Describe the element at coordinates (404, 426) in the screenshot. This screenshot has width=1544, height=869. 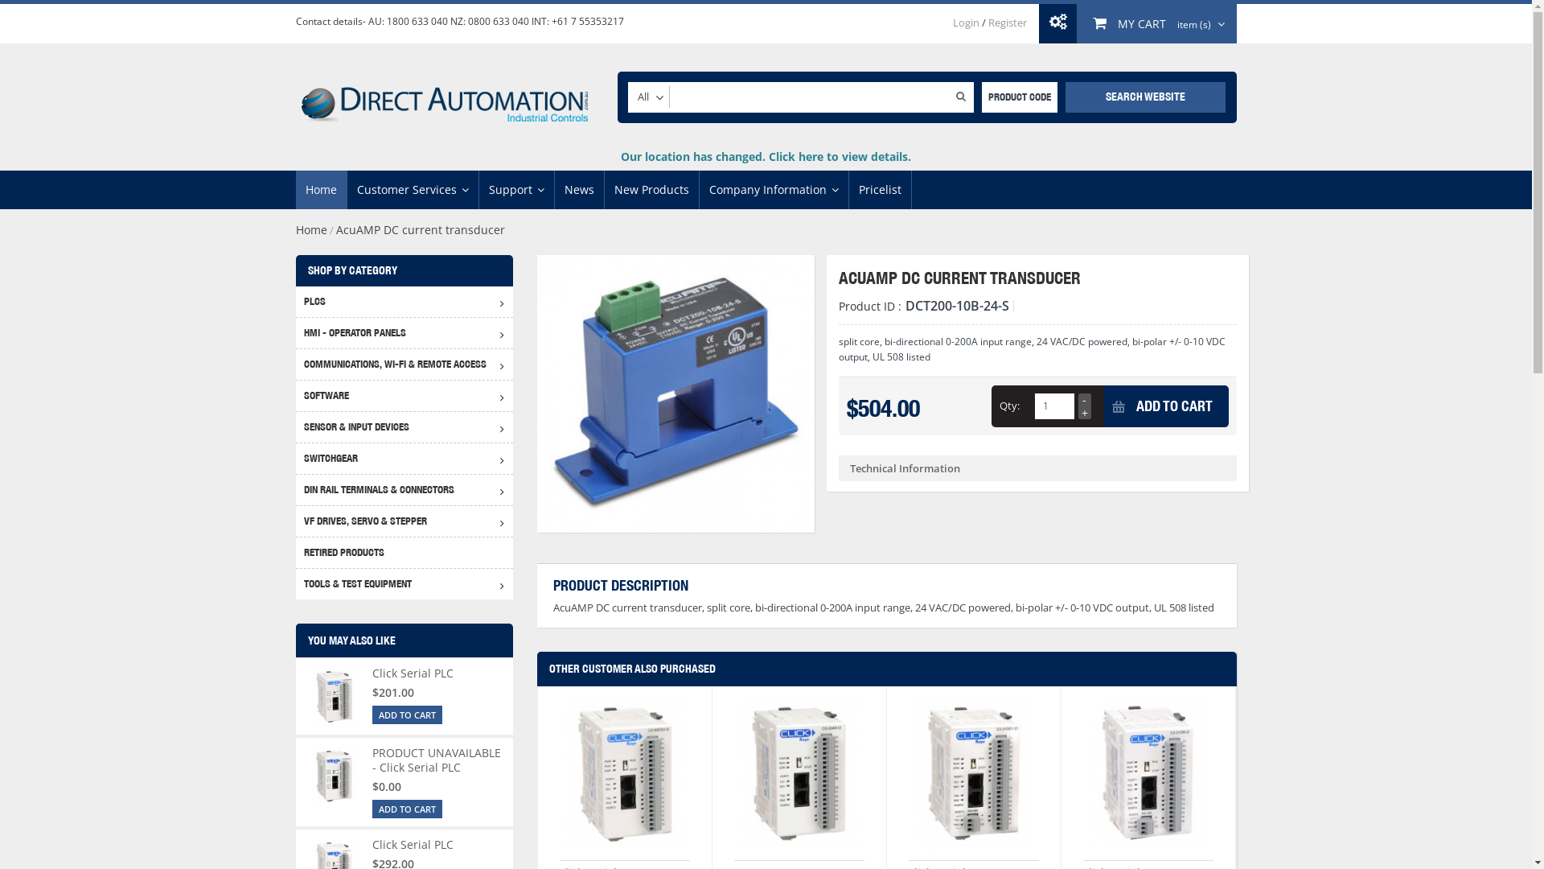
I see `'SENSOR & INPUT DEVICES'` at that location.